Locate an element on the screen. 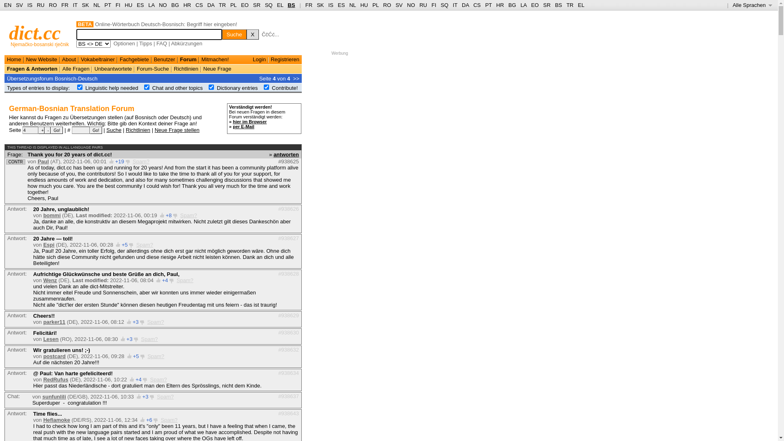 The width and height of the screenshot is (784, 441). 'Alle Fragen' is located at coordinates (76, 68).